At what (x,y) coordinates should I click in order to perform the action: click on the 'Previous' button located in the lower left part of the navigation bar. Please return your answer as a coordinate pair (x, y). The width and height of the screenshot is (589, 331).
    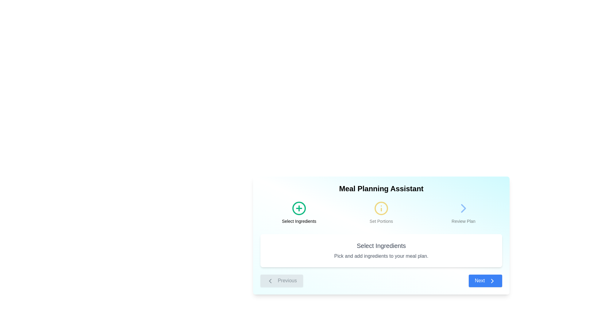
    Looking at the image, I should click on (281, 281).